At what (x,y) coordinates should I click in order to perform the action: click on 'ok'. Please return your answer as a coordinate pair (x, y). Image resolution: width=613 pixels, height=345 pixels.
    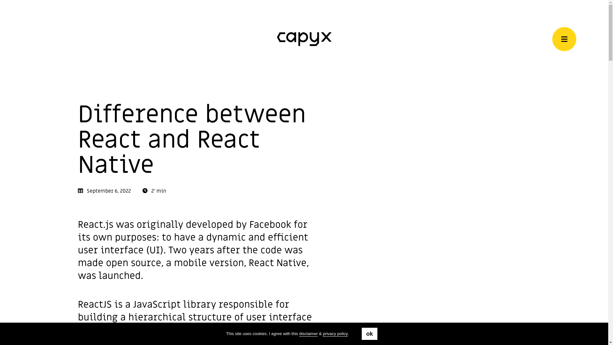
    Looking at the image, I should click on (369, 333).